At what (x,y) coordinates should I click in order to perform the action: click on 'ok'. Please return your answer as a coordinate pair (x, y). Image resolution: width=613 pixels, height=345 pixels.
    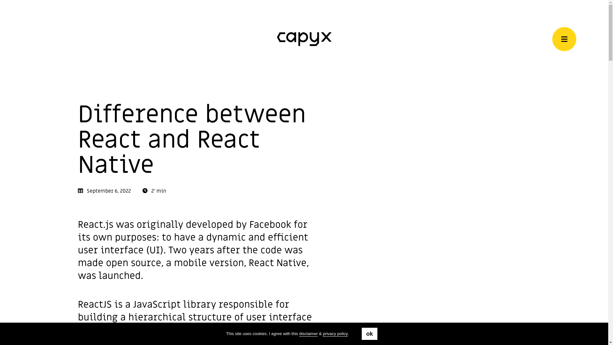
    Looking at the image, I should click on (369, 333).